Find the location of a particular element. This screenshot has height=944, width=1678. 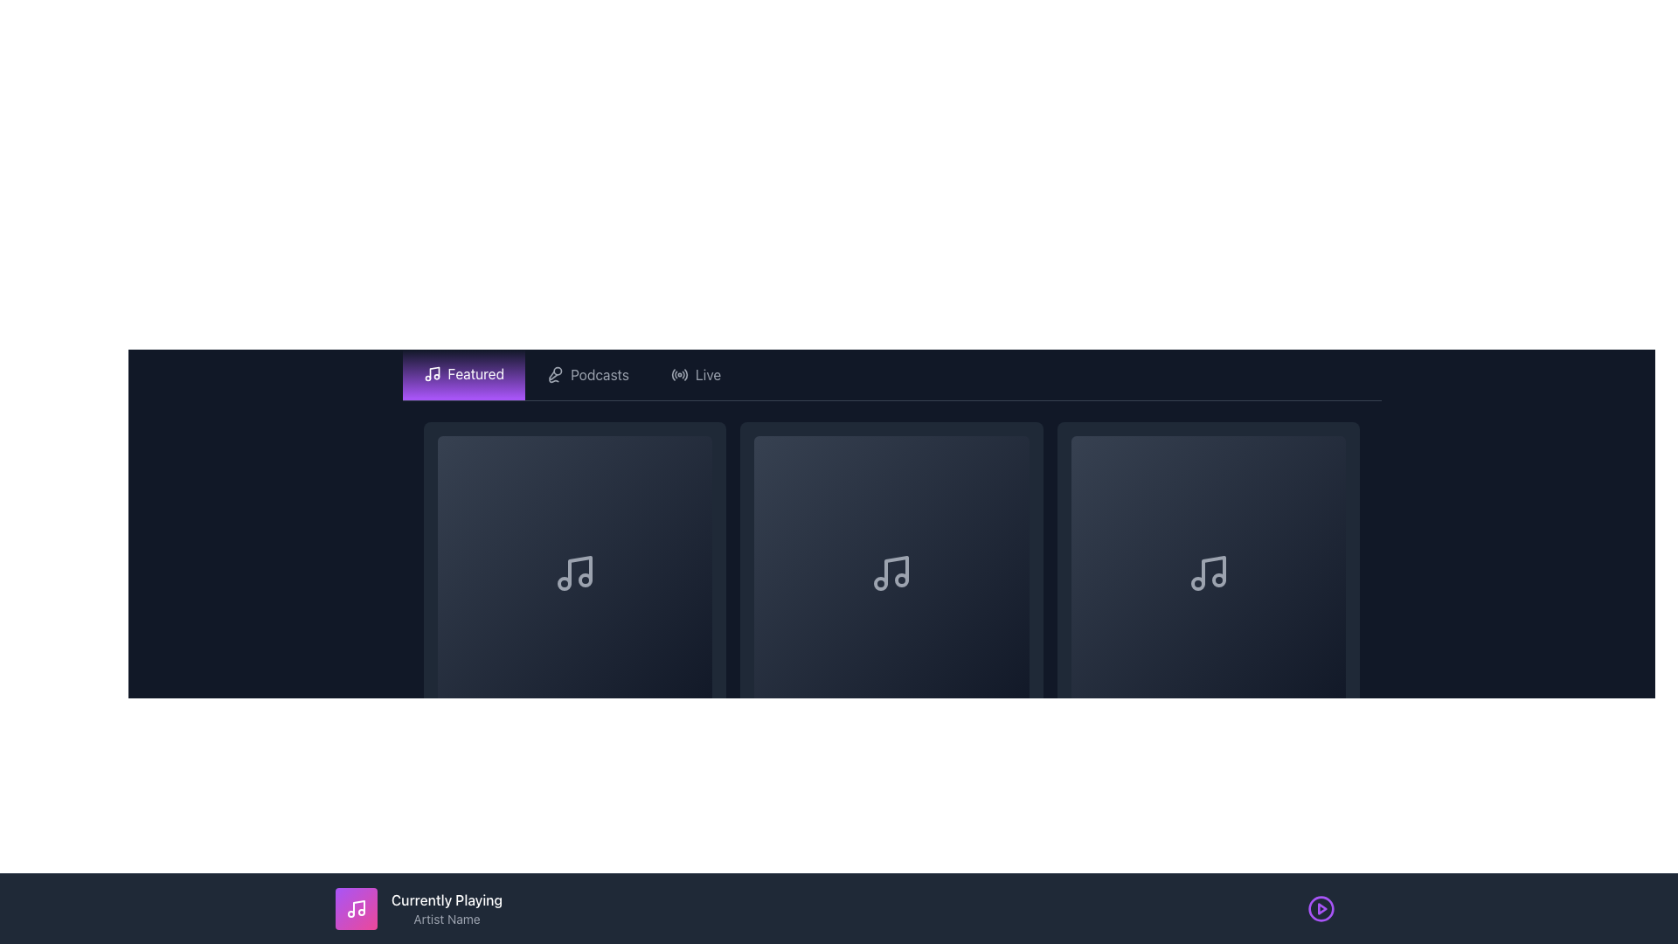

the Music Note icon is located at coordinates (891, 573).